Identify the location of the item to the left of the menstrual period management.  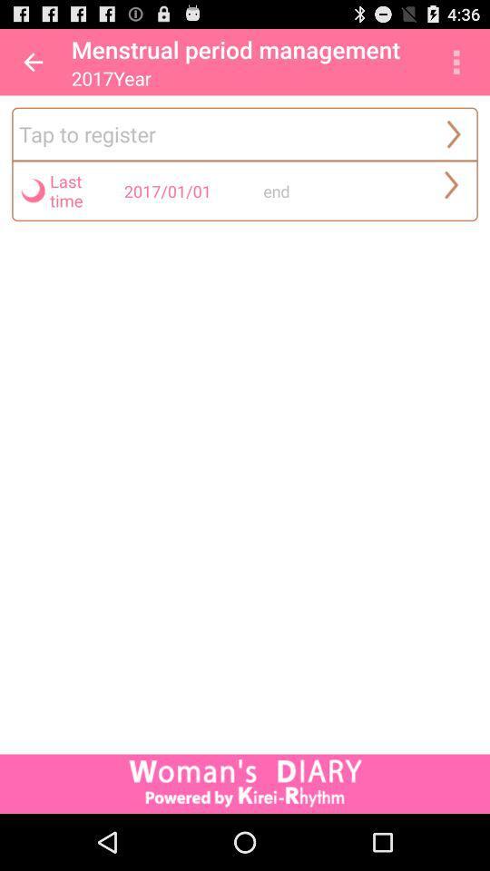
(33, 62).